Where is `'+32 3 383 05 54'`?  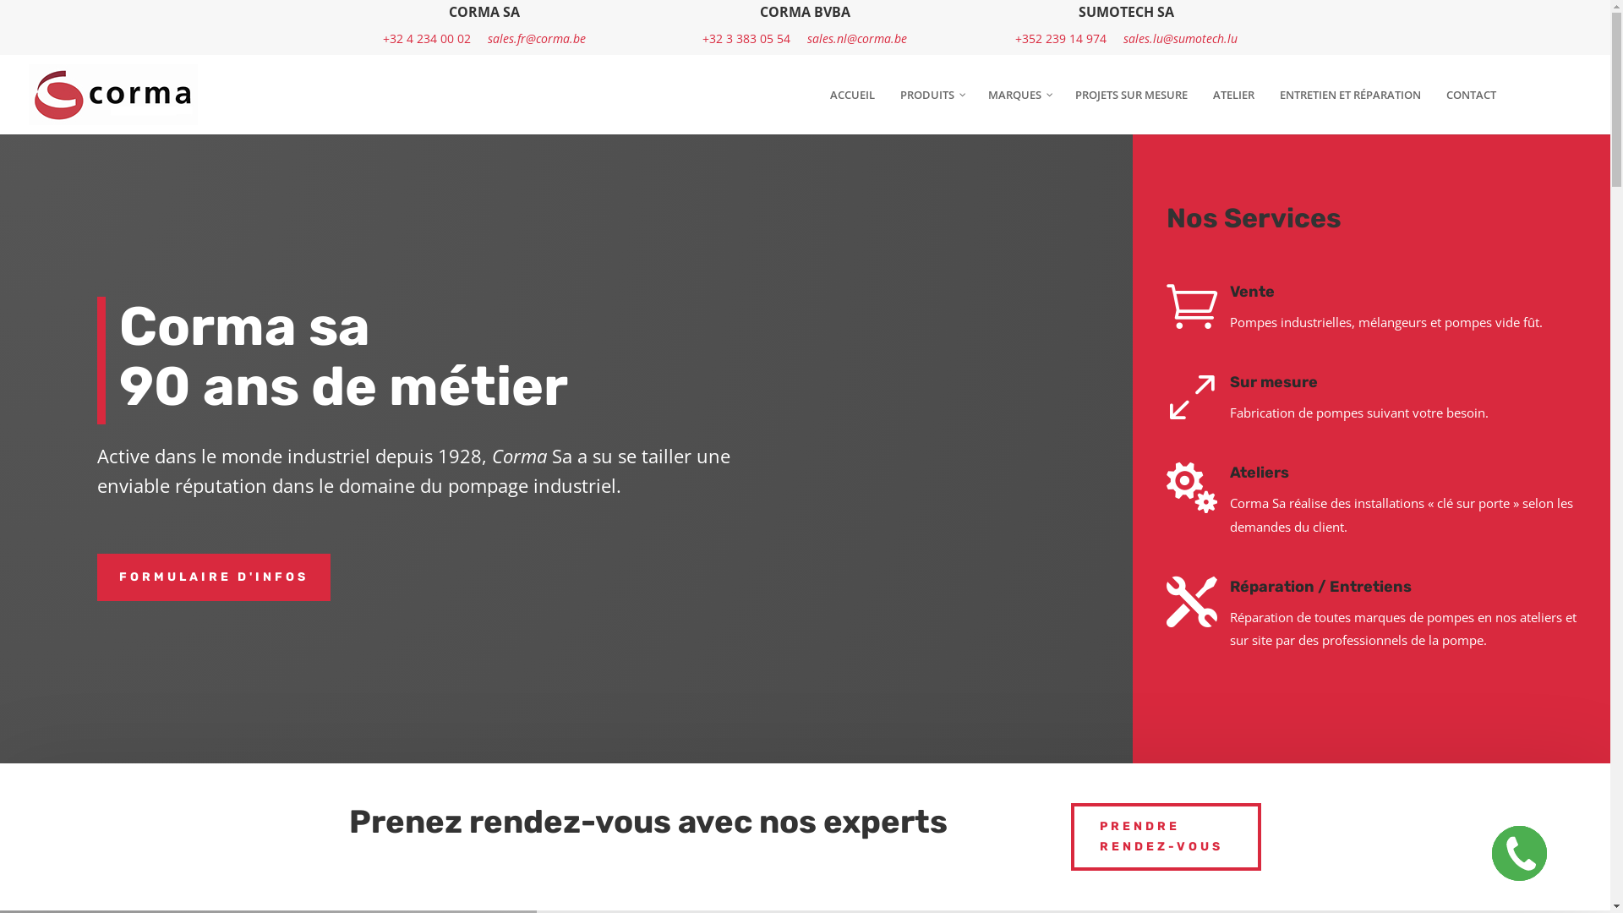 '+32 3 383 05 54' is located at coordinates (746, 38).